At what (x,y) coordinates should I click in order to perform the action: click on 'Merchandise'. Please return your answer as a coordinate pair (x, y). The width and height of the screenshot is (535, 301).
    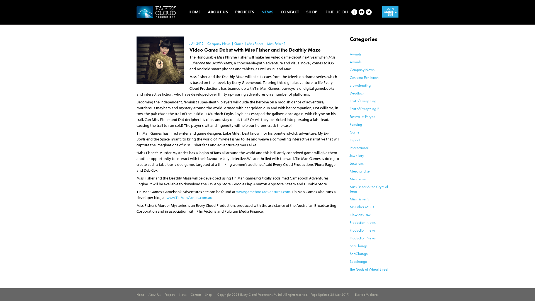
    Looking at the image, I should click on (360, 171).